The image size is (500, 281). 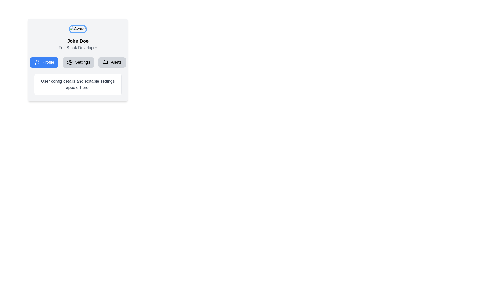 What do you see at coordinates (78, 62) in the screenshot?
I see `the 'Settings' button, which is a rectangular button with a gray background and a black gear icon, located centrally in a row of three buttons beneath the user profile section` at bounding box center [78, 62].